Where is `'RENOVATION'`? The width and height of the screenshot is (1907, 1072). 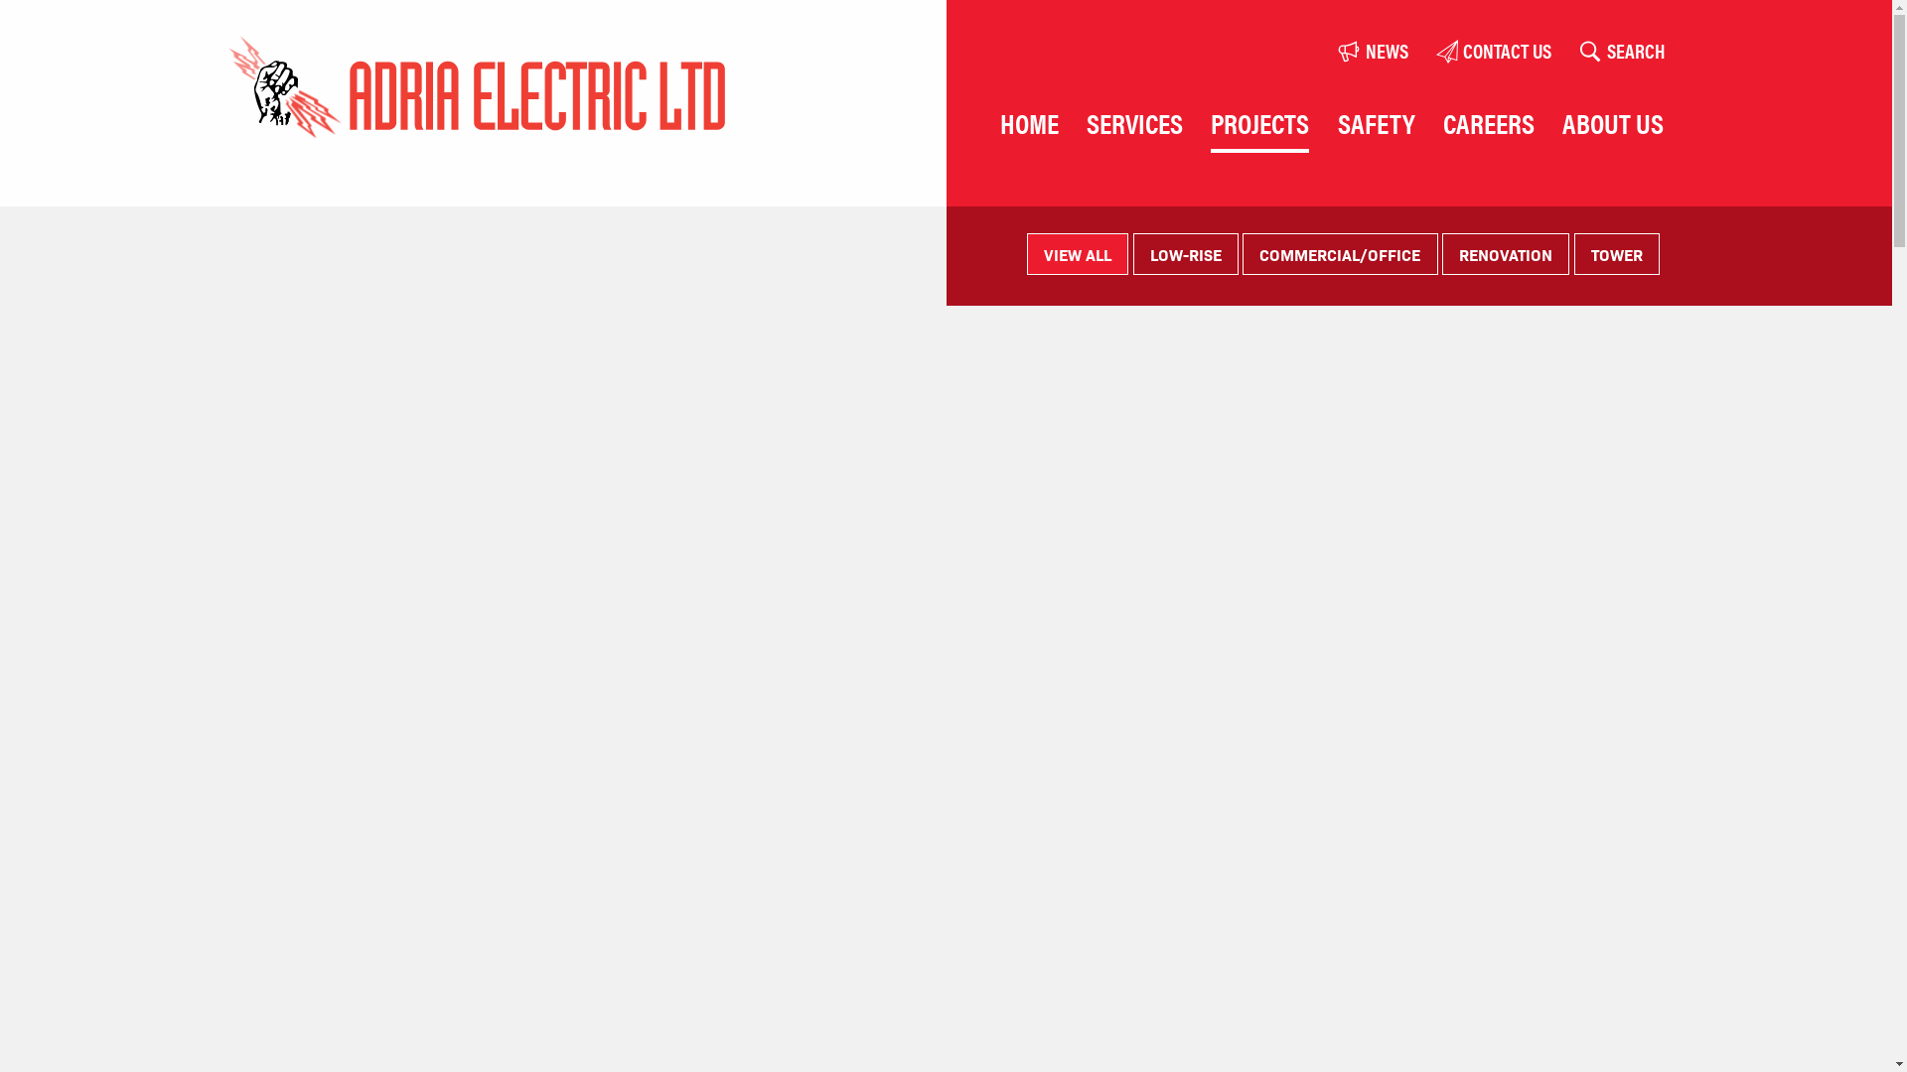
'RENOVATION' is located at coordinates (1441, 252).